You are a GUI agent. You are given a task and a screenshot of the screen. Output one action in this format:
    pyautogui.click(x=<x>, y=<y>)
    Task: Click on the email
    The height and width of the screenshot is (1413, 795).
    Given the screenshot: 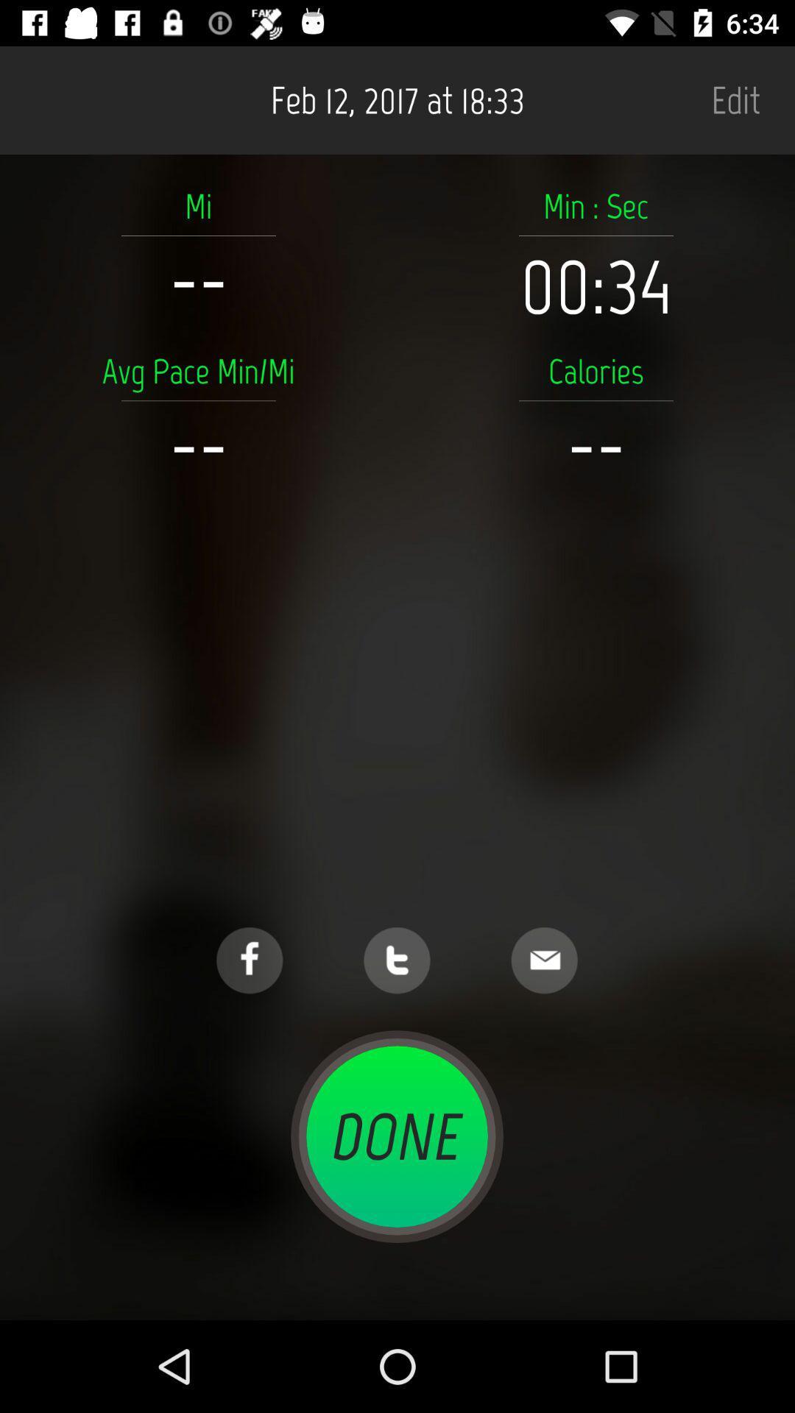 What is the action you would take?
    pyautogui.click(x=544, y=960)
    